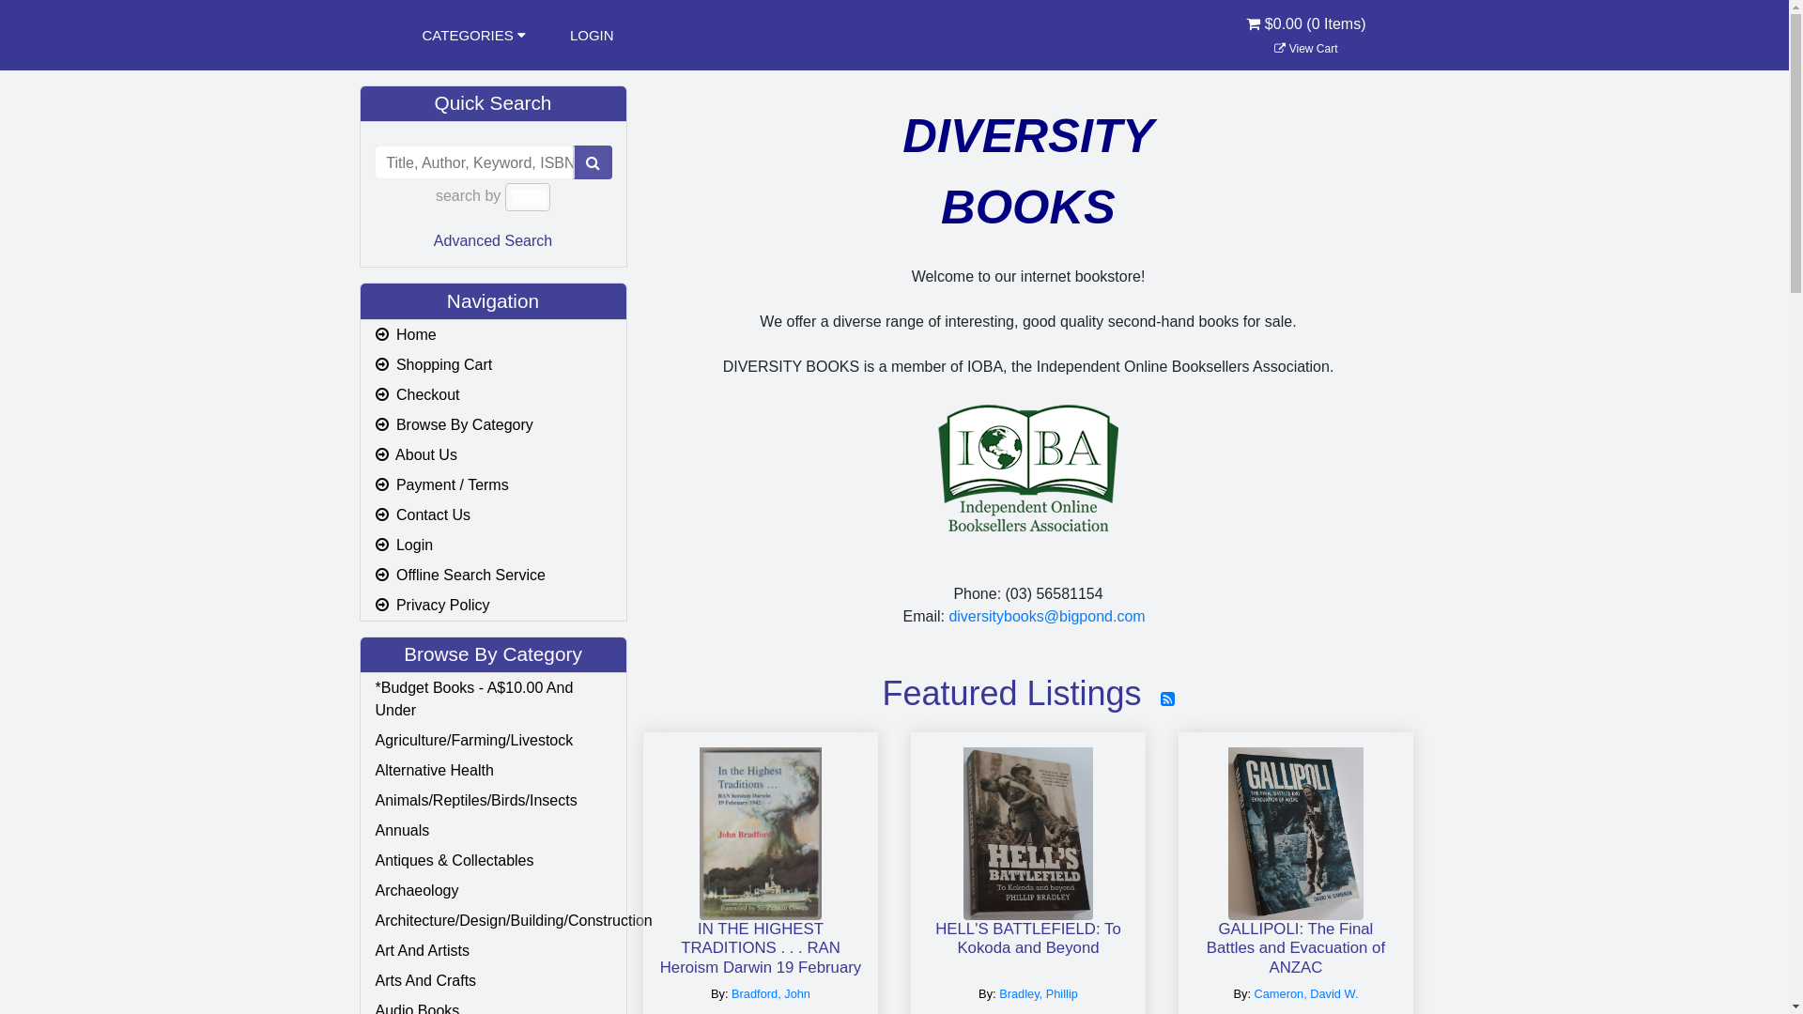 This screenshot has width=1803, height=1014. What do you see at coordinates (553, 35) in the screenshot?
I see `'LOGIN'` at bounding box center [553, 35].